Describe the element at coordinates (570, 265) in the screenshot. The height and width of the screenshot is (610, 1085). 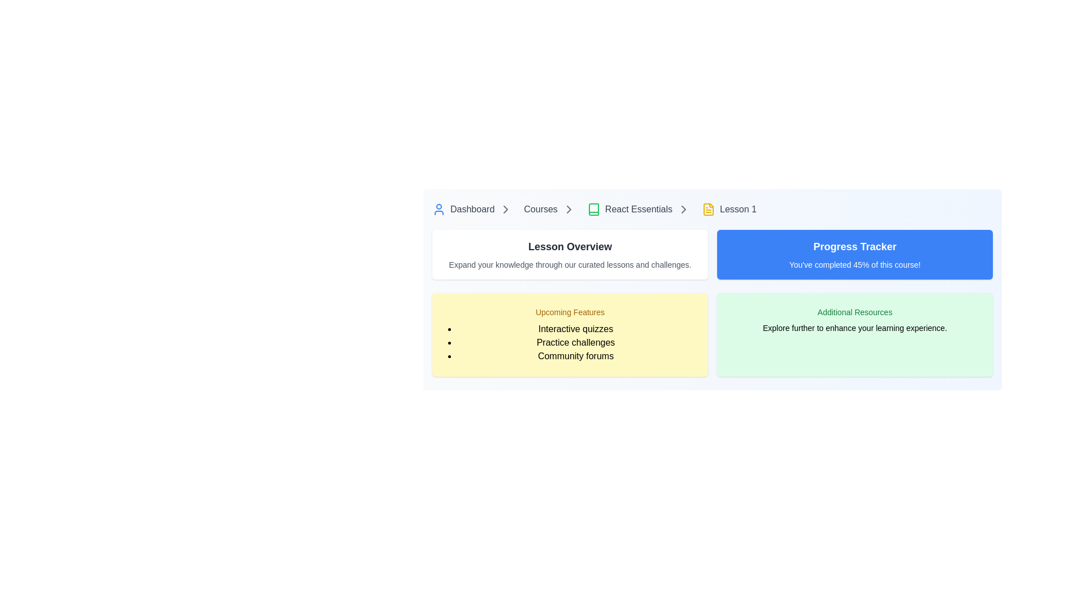
I see `text snippet that says 'Expand your knowledge through our curated lessons and challenges.' located under the 'Lesson Overview' title in the lesson module box` at that location.